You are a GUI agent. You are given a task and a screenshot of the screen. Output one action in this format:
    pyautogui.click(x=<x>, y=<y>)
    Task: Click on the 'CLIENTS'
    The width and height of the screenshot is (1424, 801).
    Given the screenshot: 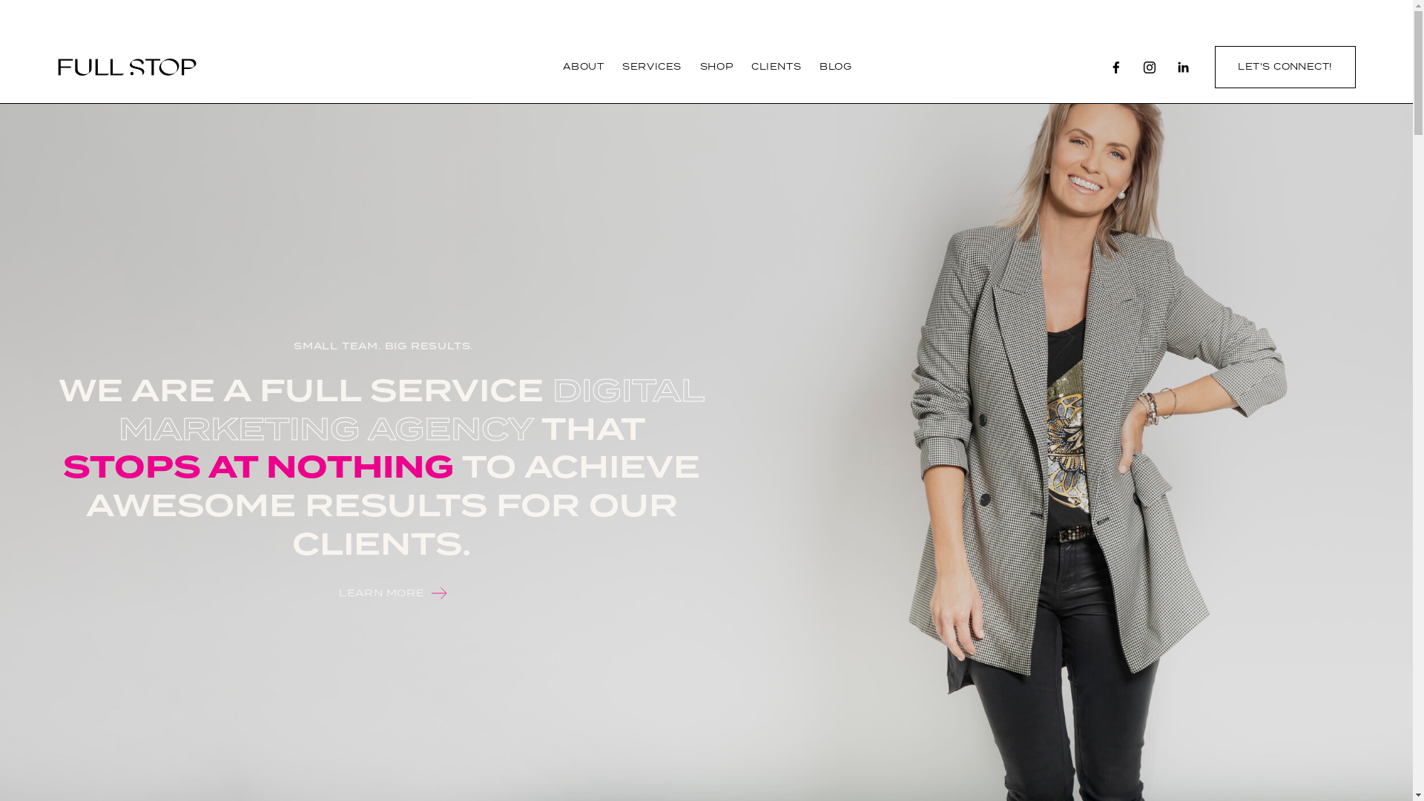 What is the action you would take?
    pyautogui.click(x=775, y=67)
    